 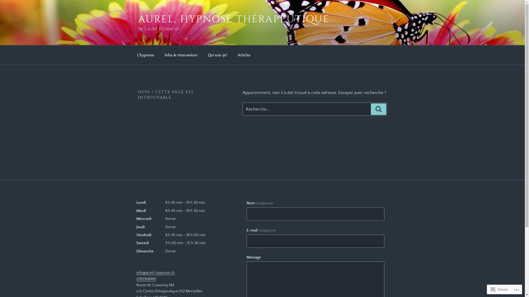 What do you see at coordinates (217, 55) in the screenshot?
I see `'Qui suis-je?'` at bounding box center [217, 55].